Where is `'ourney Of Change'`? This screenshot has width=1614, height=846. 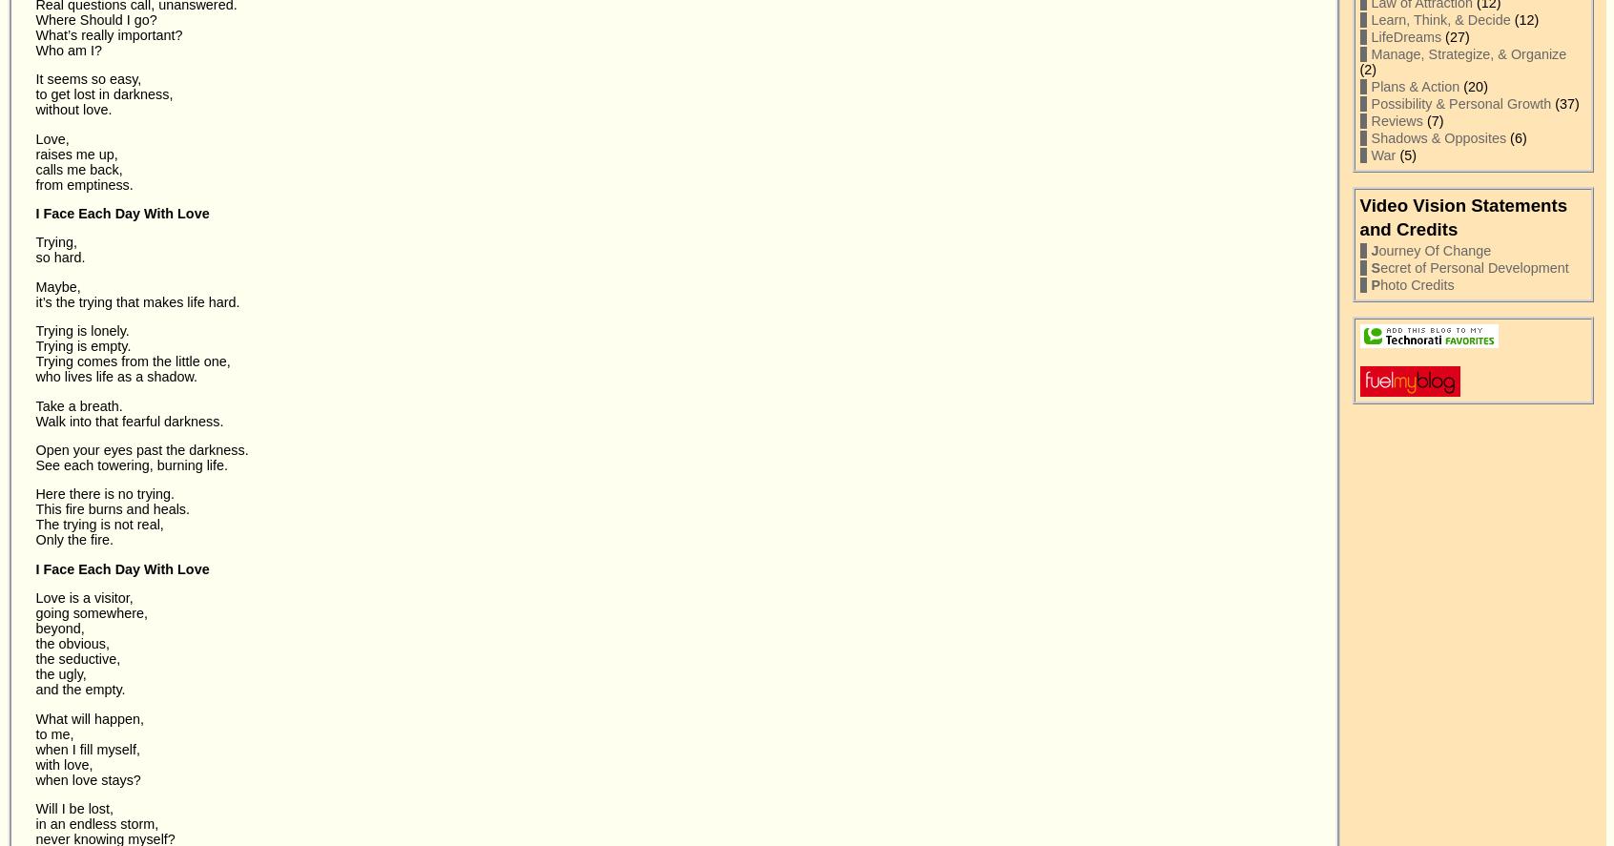 'ourney Of Change' is located at coordinates (1435, 249).